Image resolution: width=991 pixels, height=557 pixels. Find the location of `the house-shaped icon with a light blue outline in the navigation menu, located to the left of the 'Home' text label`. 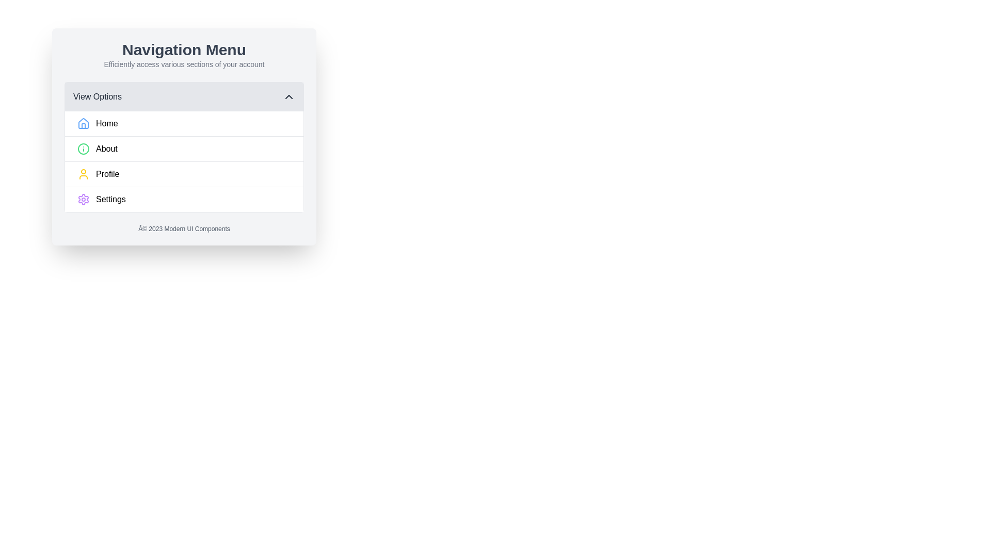

the house-shaped icon with a light blue outline in the navigation menu, located to the left of the 'Home' text label is located at coordinates (84, 123).